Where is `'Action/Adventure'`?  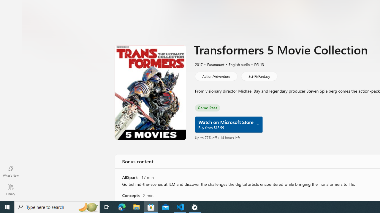
'Action/Adventure' is located at coordinates (216, 76).